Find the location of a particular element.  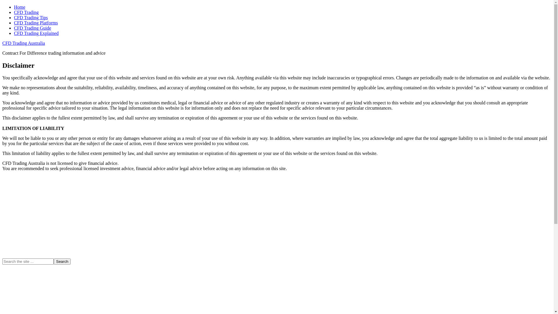

'Home' is located at coordinates (19, 7).